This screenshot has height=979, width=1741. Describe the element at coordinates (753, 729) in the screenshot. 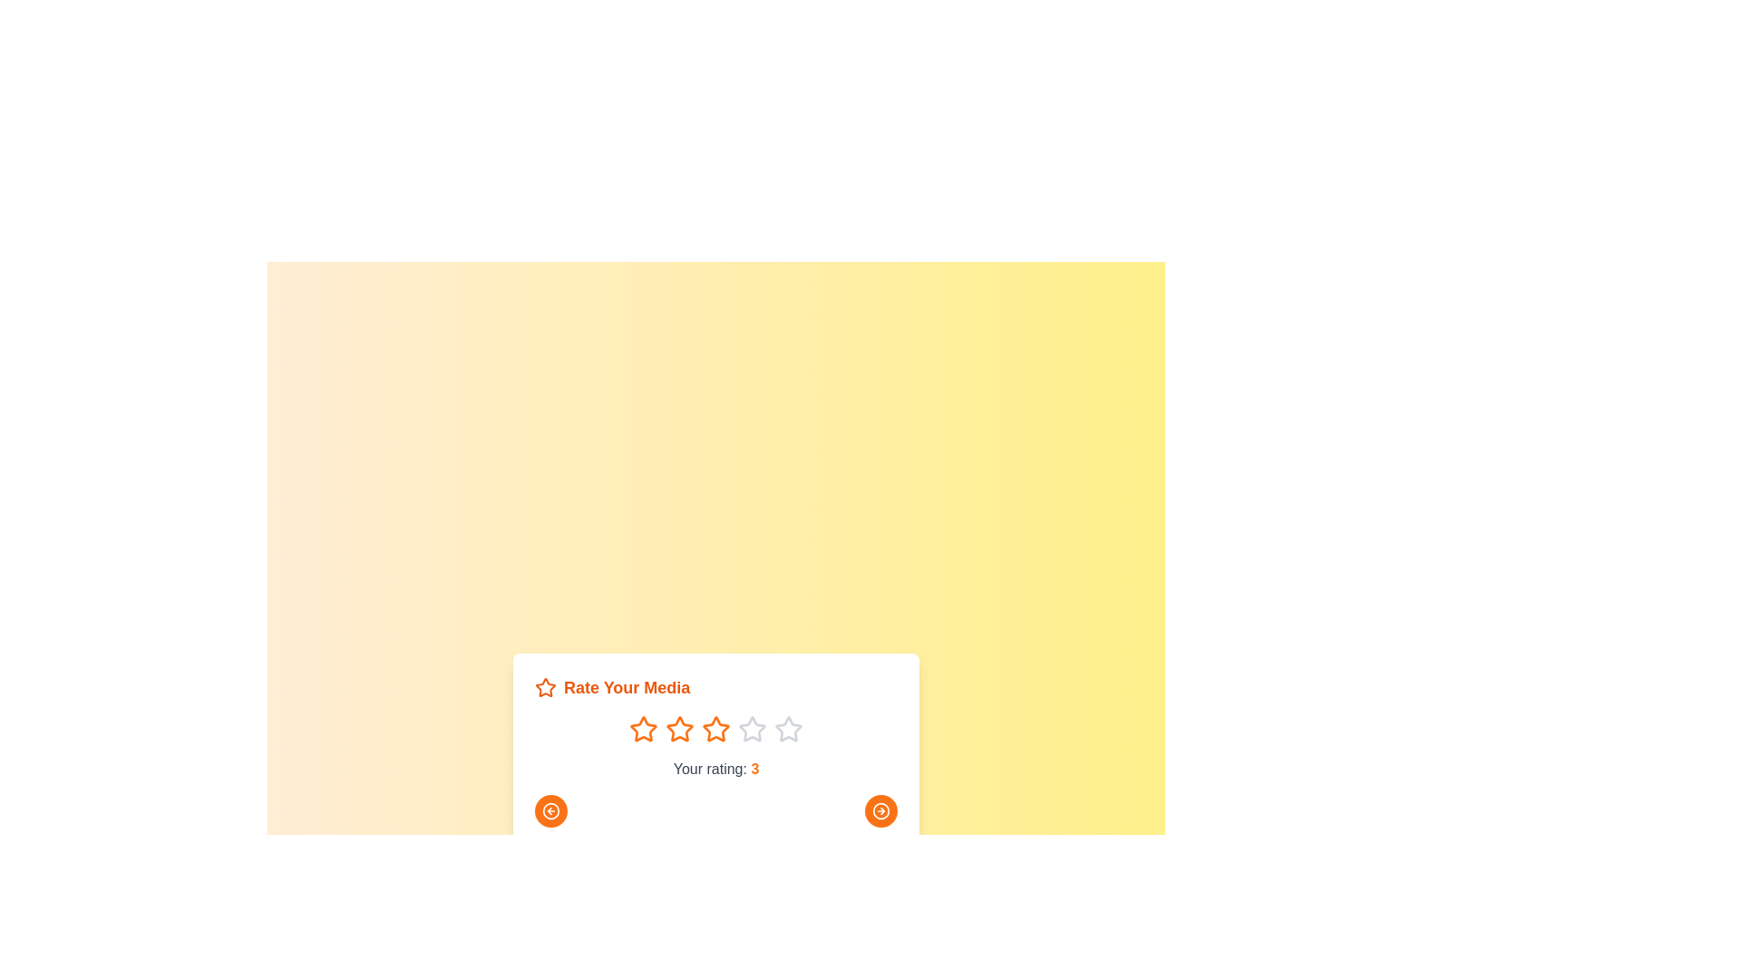

I see `the star corresponding to the rating 4` at that location.